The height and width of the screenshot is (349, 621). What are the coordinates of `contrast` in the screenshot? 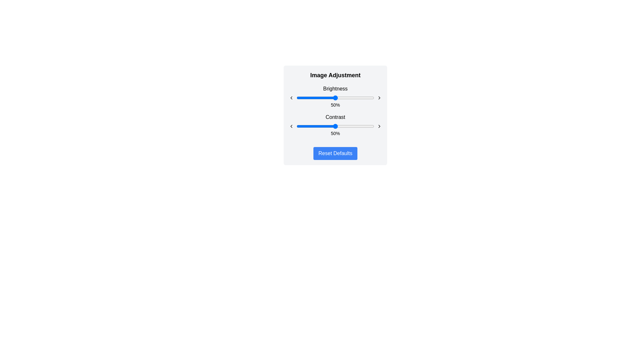 It's located at (327, 126).